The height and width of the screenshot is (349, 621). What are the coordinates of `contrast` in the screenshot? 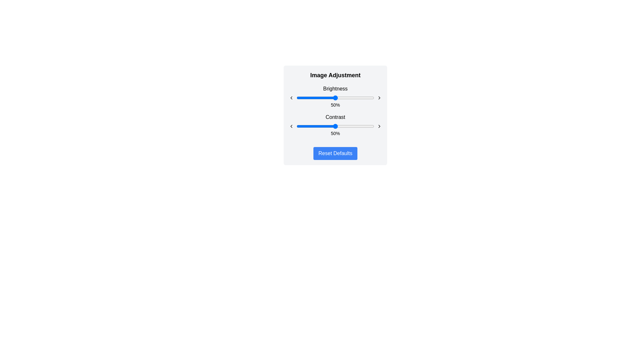 It's located at (327, 126).